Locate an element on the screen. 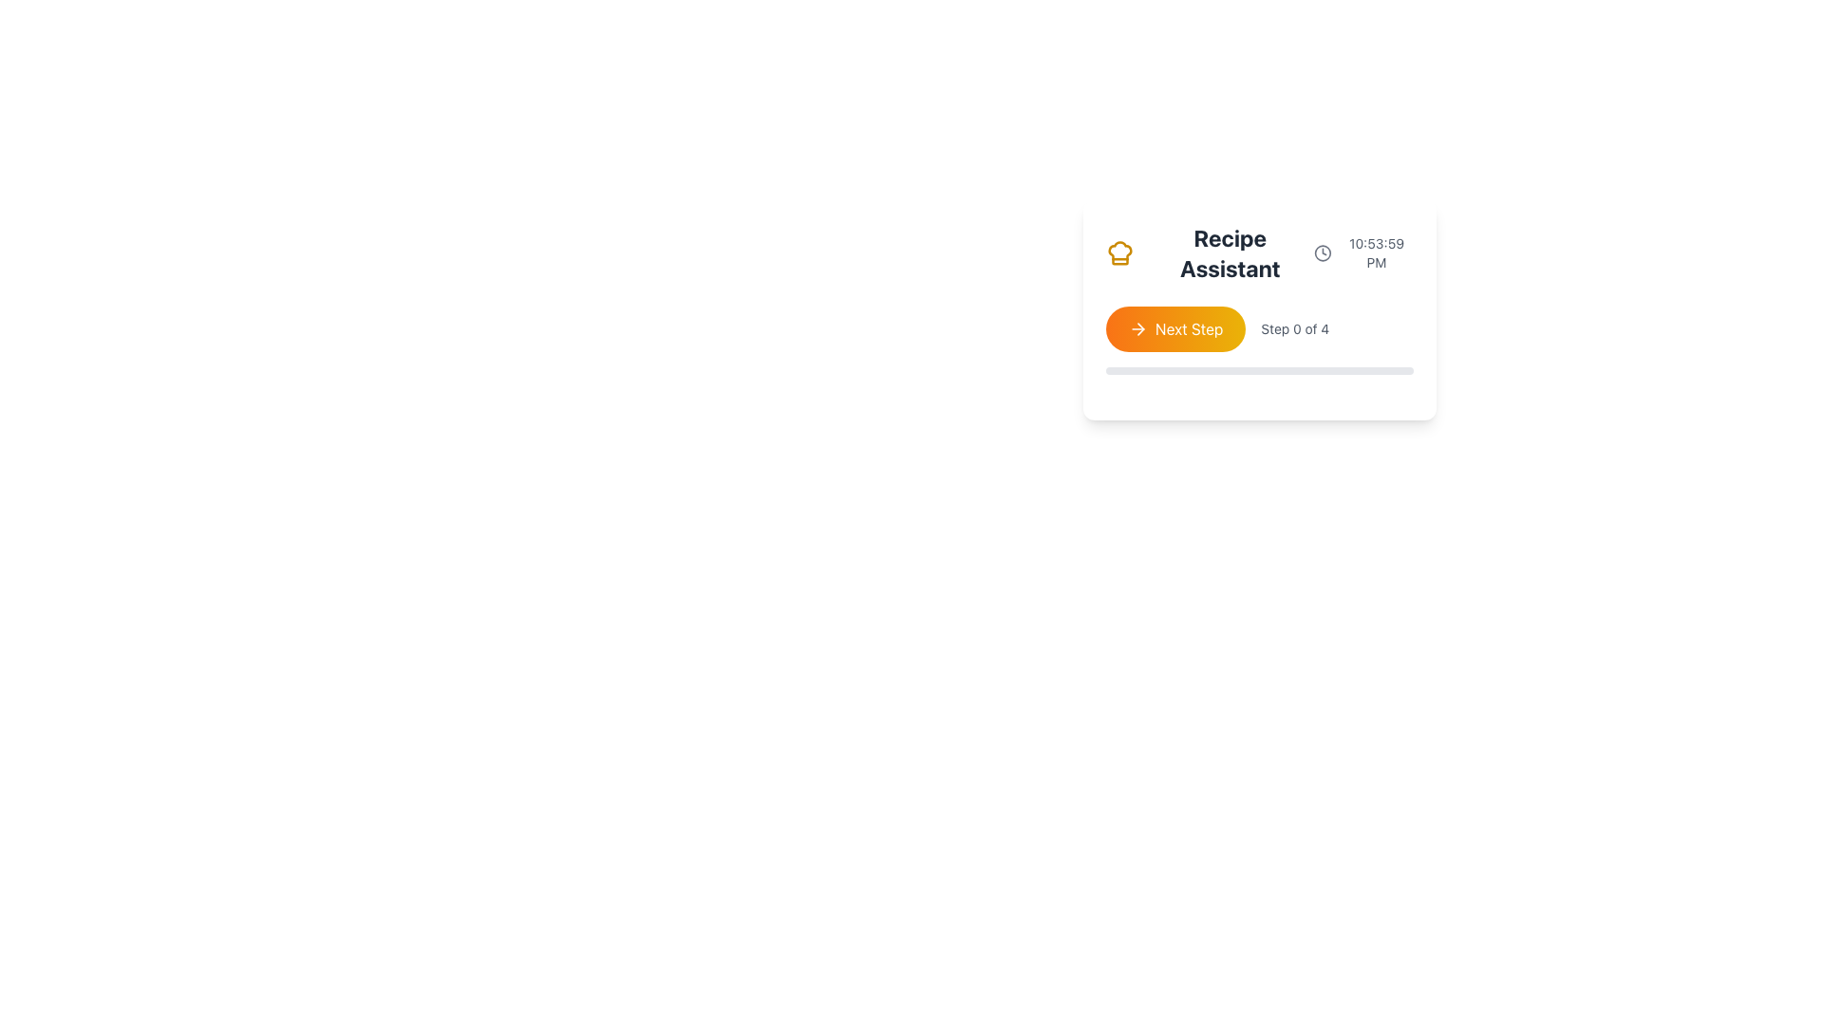 The height and width of the screenshot is (1025, 1823). the chef hat icon, which is a decorative representation of cooking, located in the top-left corner of the card, to the left of 'Recipe Assistant' is located at coordinates (1120, 252).